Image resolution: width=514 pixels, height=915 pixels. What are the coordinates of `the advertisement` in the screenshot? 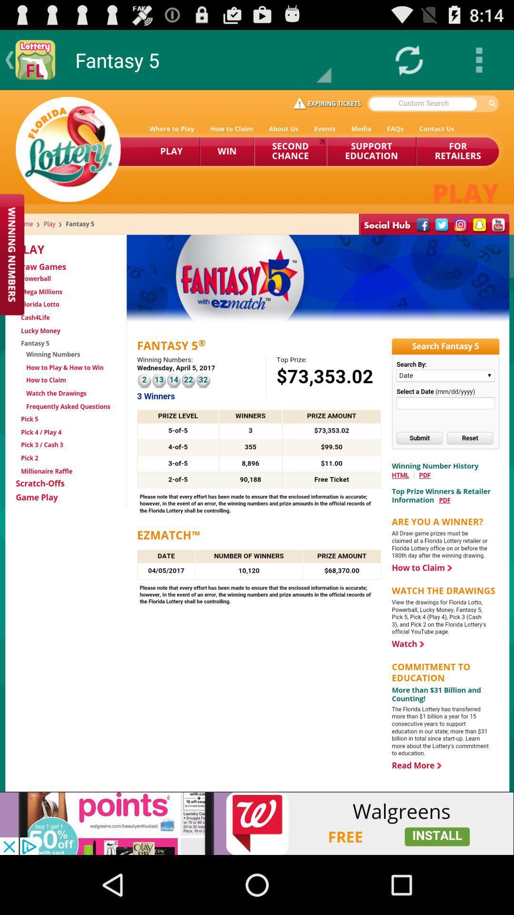 It's located at (257, 823).